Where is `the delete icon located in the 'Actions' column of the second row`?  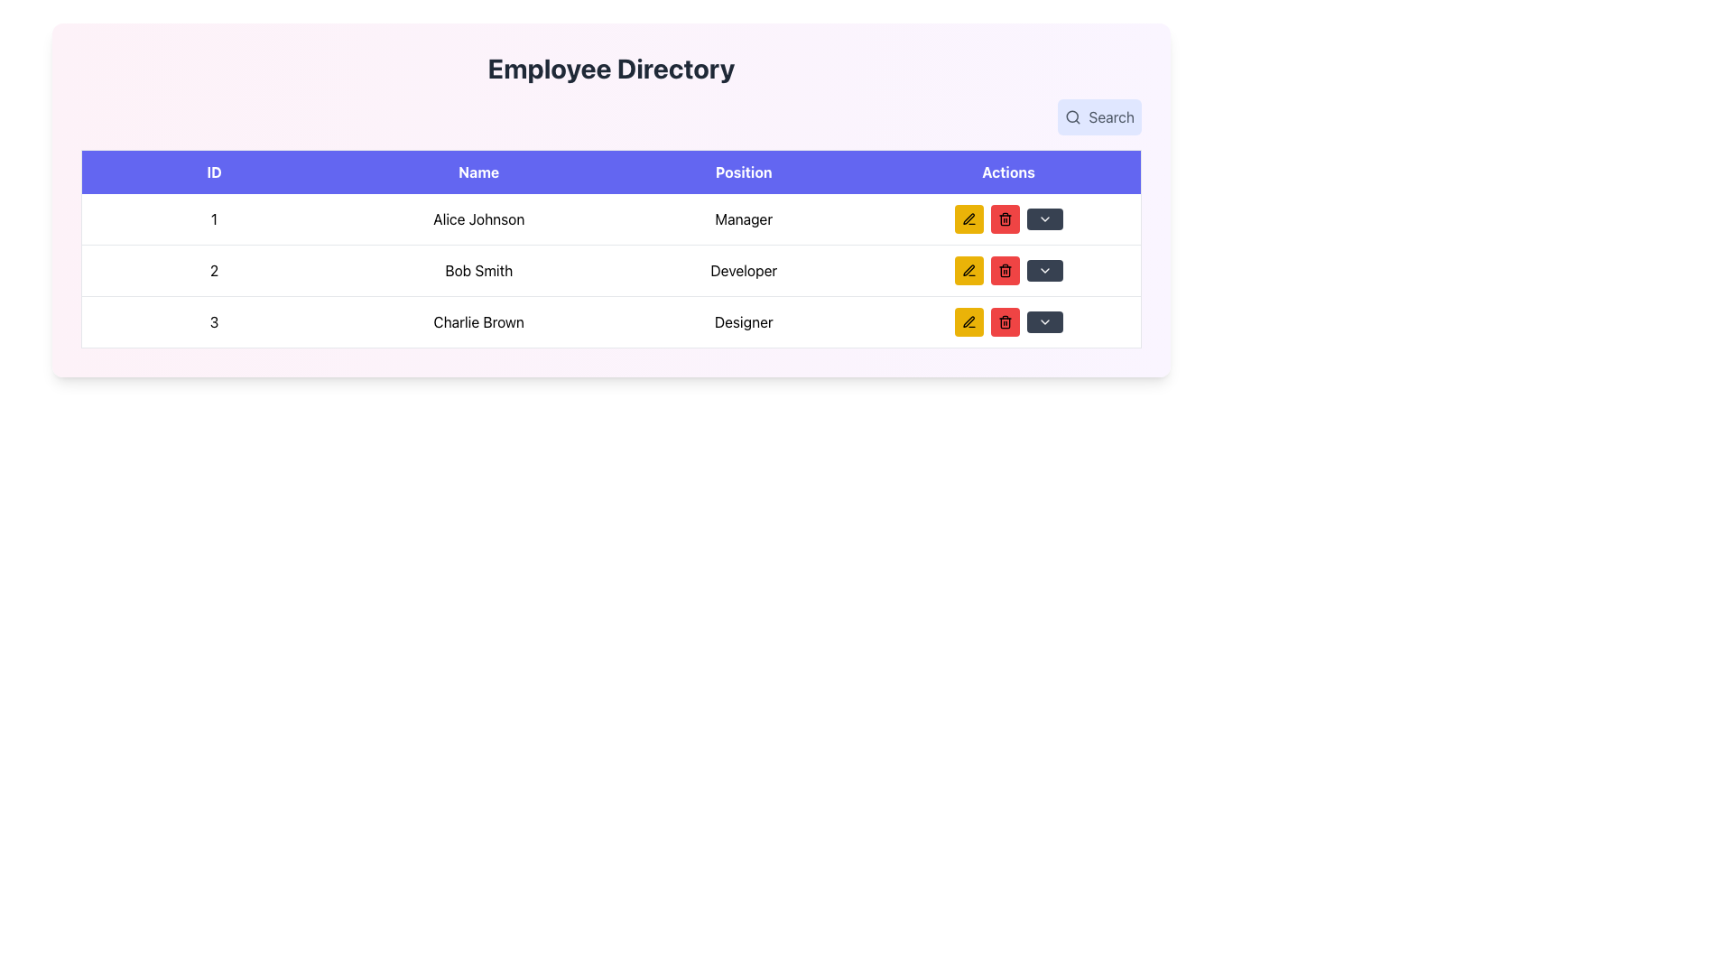
the delete icon located in the 'Actions' column of the second row is located at coordinates (1004, 321).